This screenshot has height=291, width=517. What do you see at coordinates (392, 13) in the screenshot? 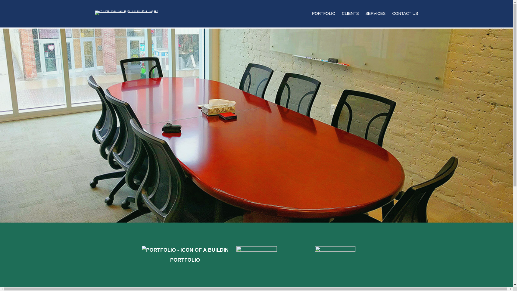
I see `'CONTACT US'` at bounding box center [392, 13].